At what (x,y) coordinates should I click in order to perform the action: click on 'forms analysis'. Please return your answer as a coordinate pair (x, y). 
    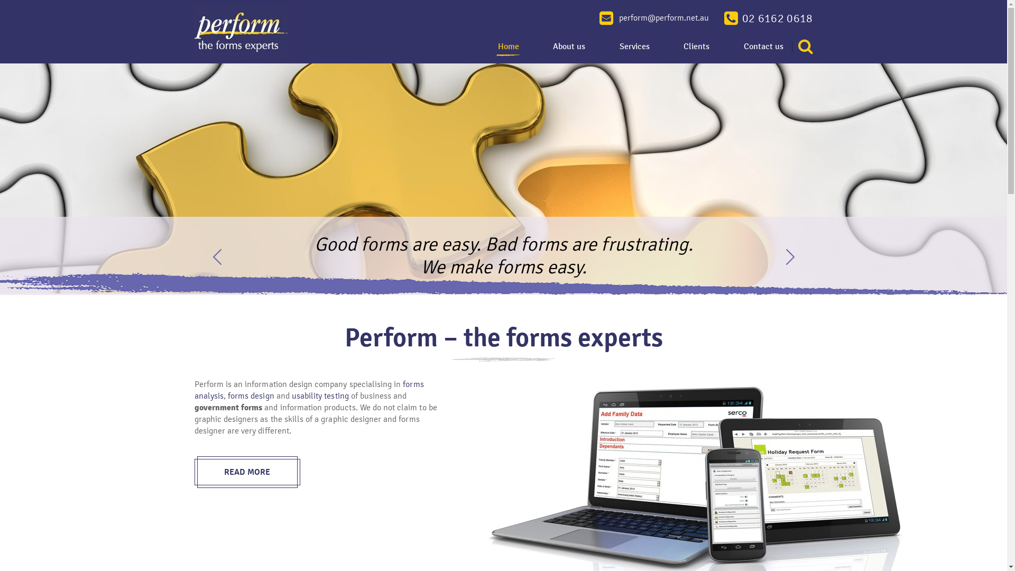
    Looking at the image, I should click on (309, 390).